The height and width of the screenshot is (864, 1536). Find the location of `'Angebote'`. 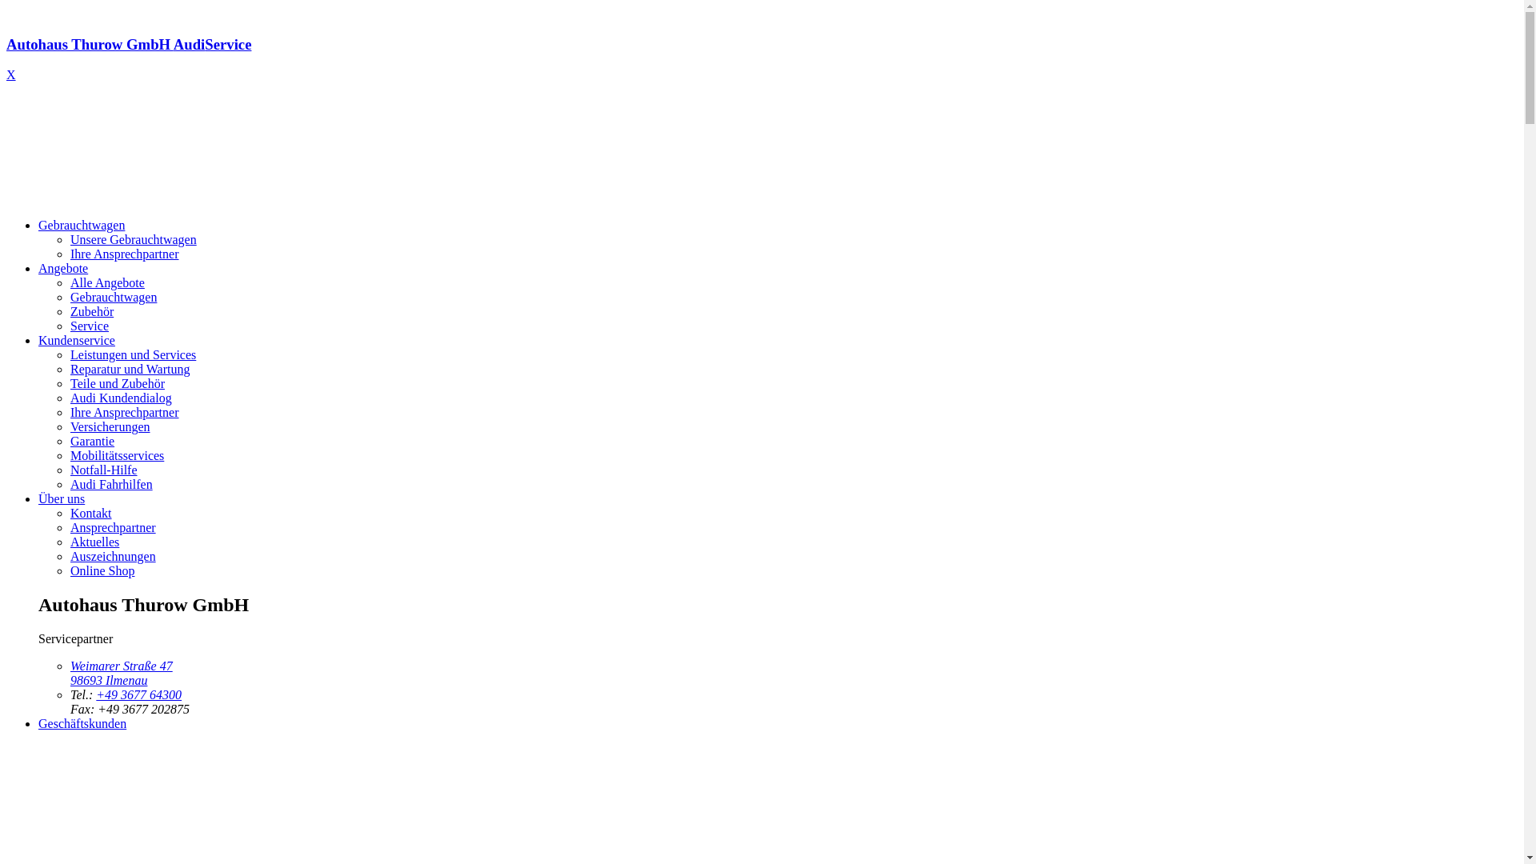

'Angebote' is located at coordinates (62, 267).